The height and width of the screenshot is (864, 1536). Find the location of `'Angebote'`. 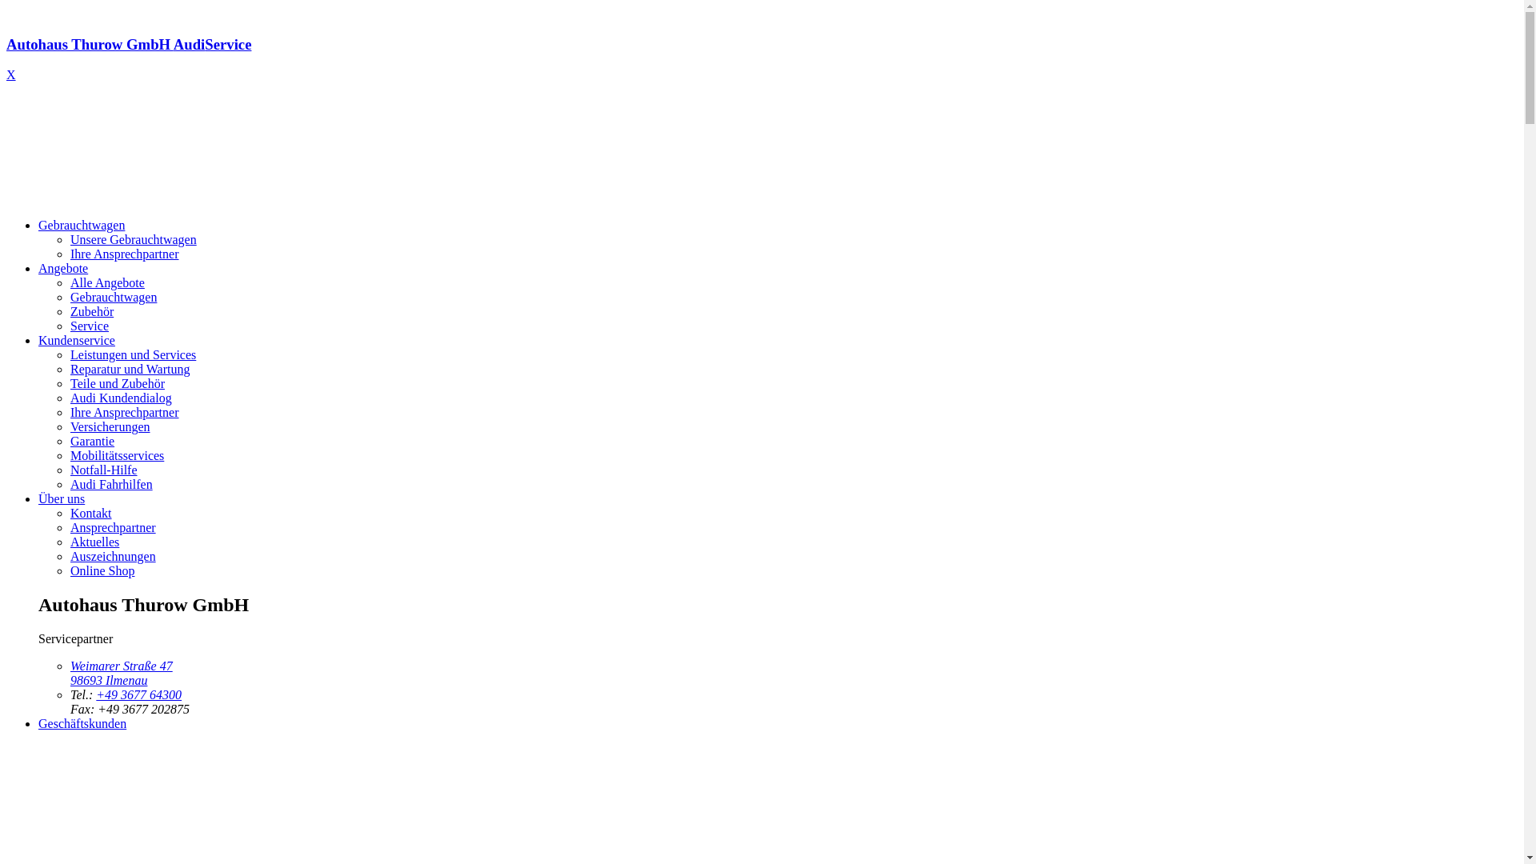

'Angebote' is located at coordinates (62, 267).